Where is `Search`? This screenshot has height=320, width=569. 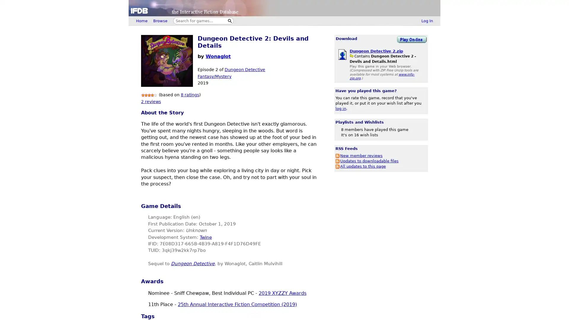 Search is located at coordinates (229, 20).